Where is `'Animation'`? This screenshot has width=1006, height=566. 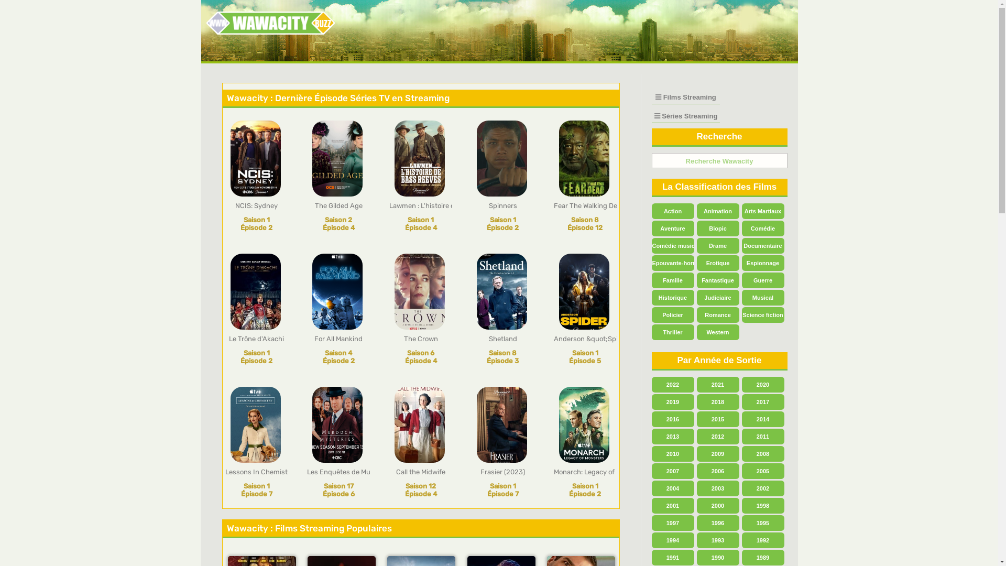 'Animation' is located at coordinates (717, 211).